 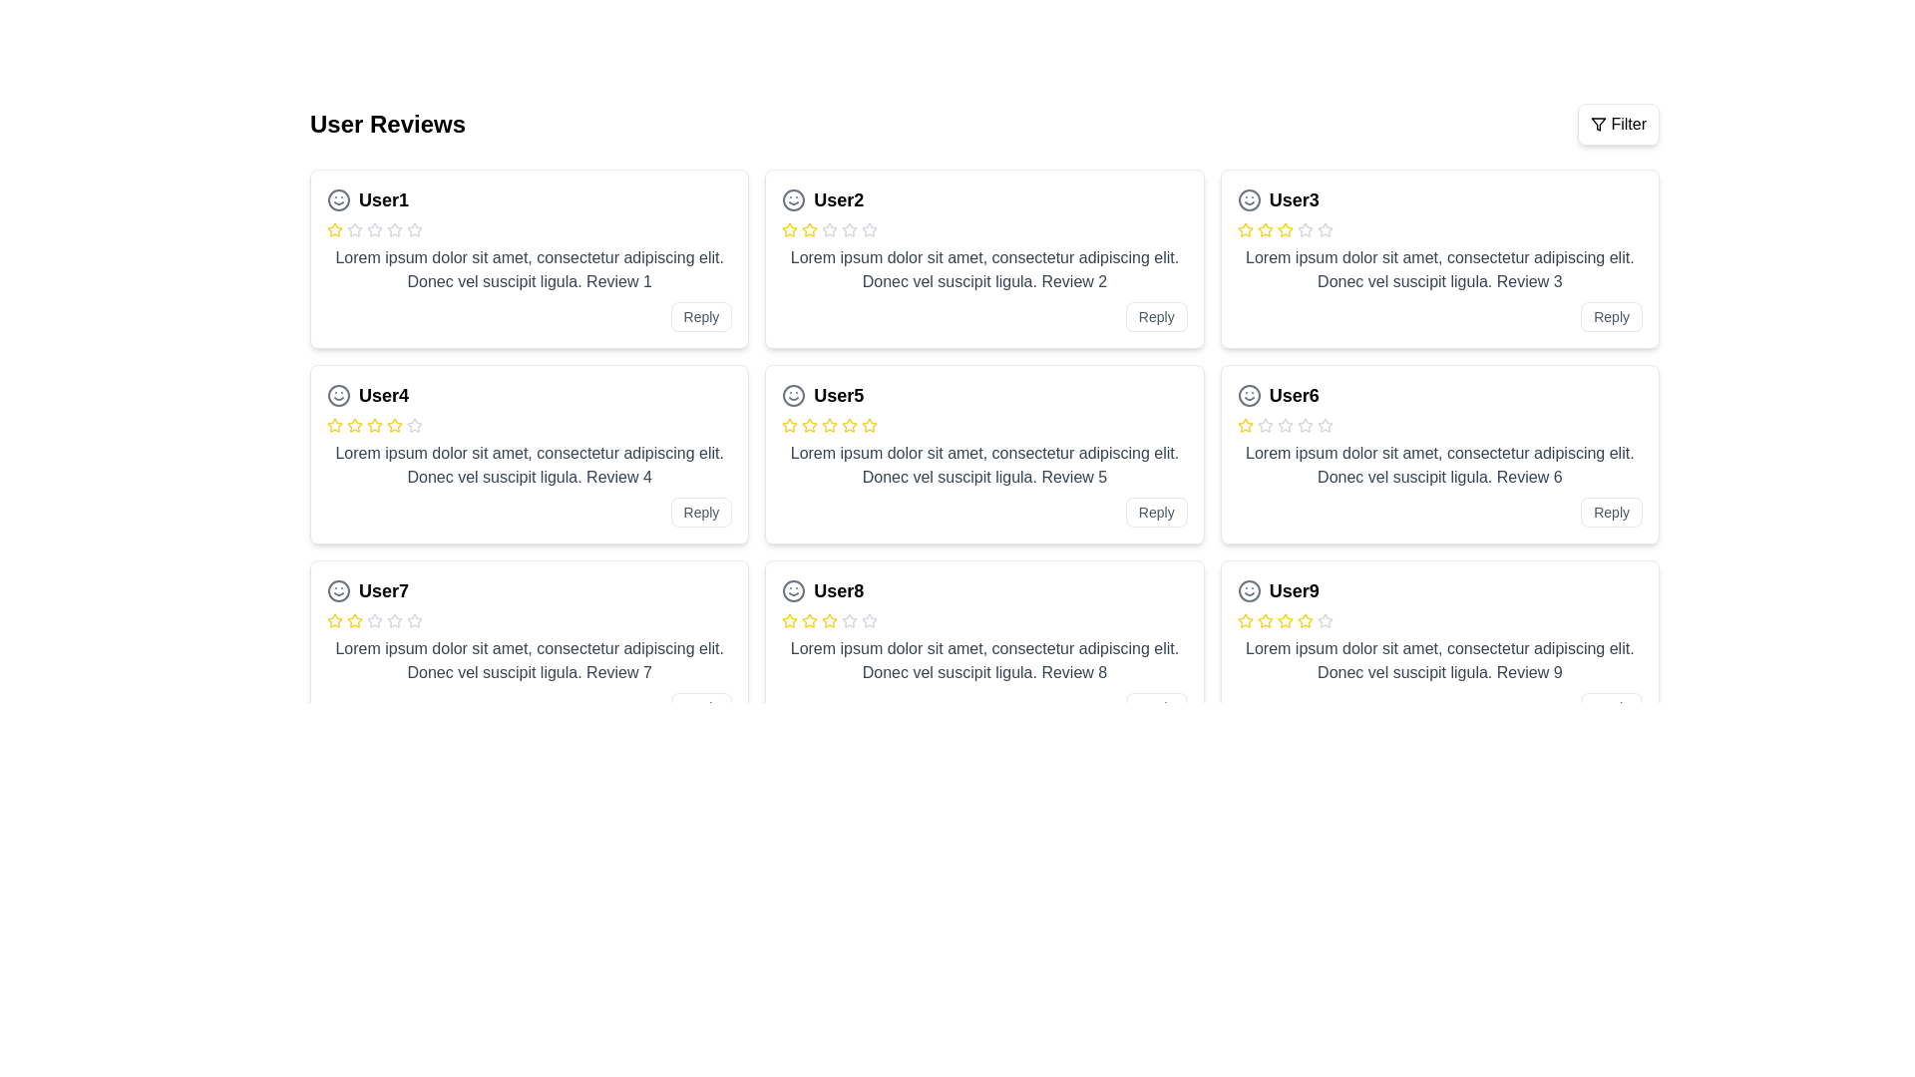 I want to click on the second star-shaped Rating Star icon with a yellow stroke in the User8 review card, so click(x=810, y=619).